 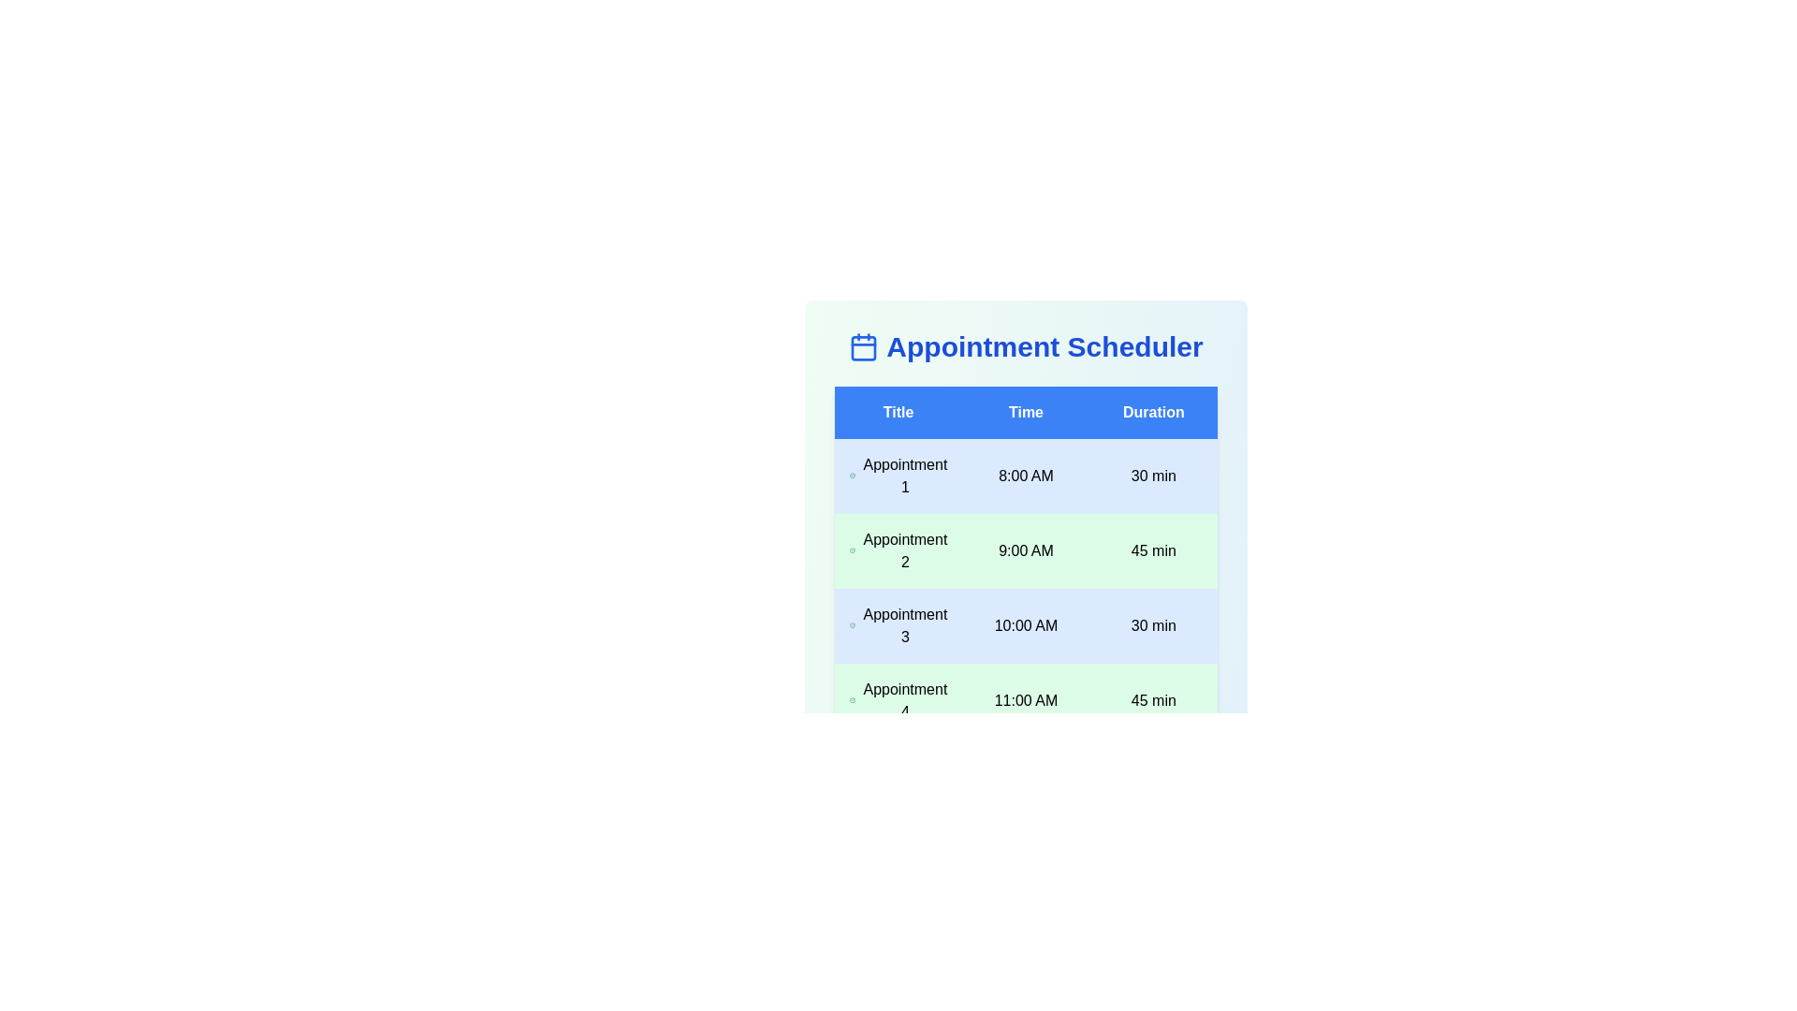 What do you see at coordinates (1025, 700) in the screenshot?
I see `the row corresponding to Appointment 4 to select it` at bounding box center [1025, 700].